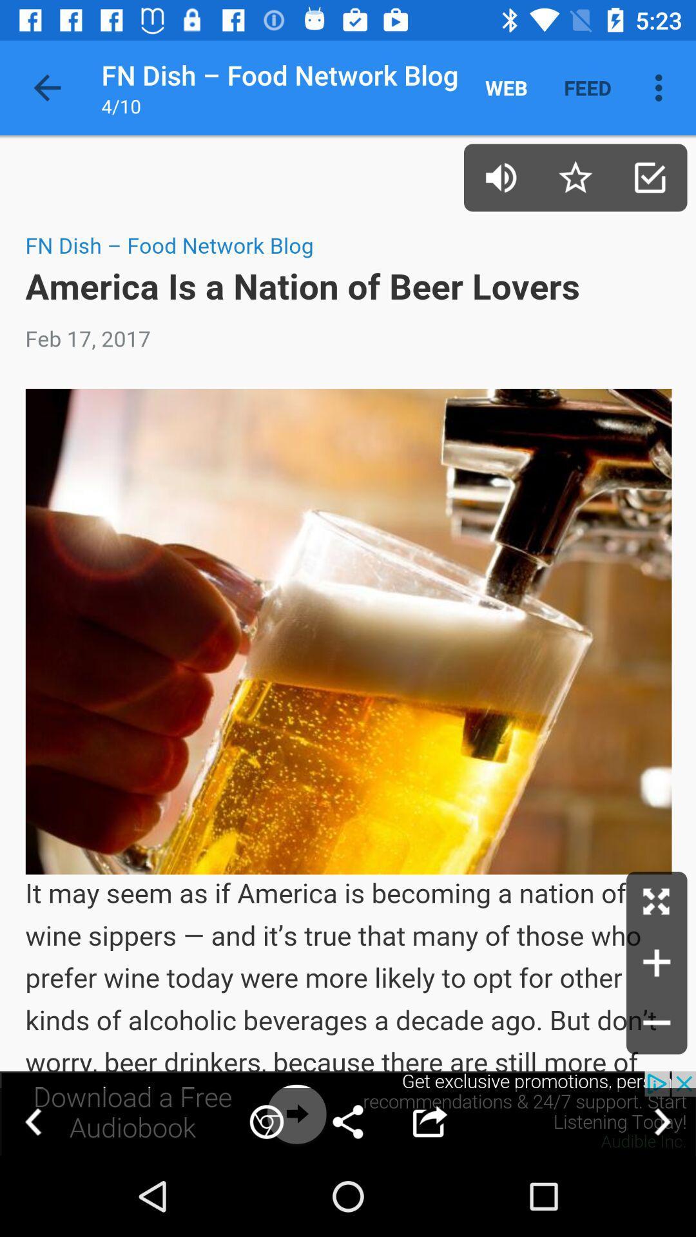 This screenshot has width=696, height=1237. What do you see at coordinates (33, 1121) in the screenshot?
I see `the arrow_backward icon` at bounding box center [33, 1121].